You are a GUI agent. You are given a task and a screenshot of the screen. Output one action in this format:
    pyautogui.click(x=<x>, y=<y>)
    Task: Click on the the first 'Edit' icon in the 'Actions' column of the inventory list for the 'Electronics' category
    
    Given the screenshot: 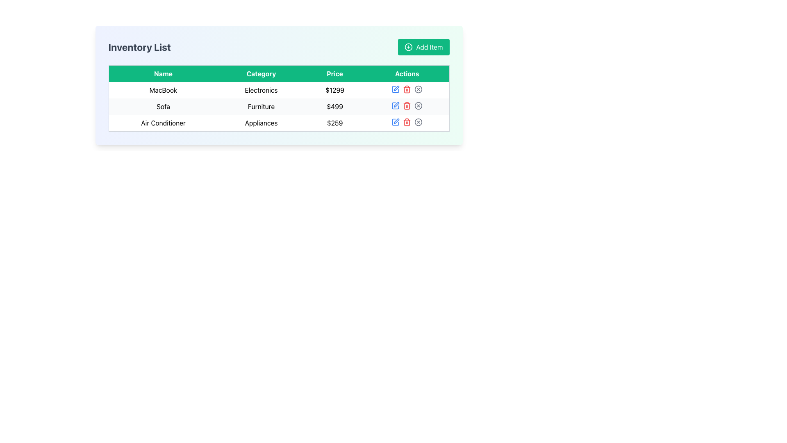 What is the action you would take?
    pyautogui.click(x=396, y=88)
    